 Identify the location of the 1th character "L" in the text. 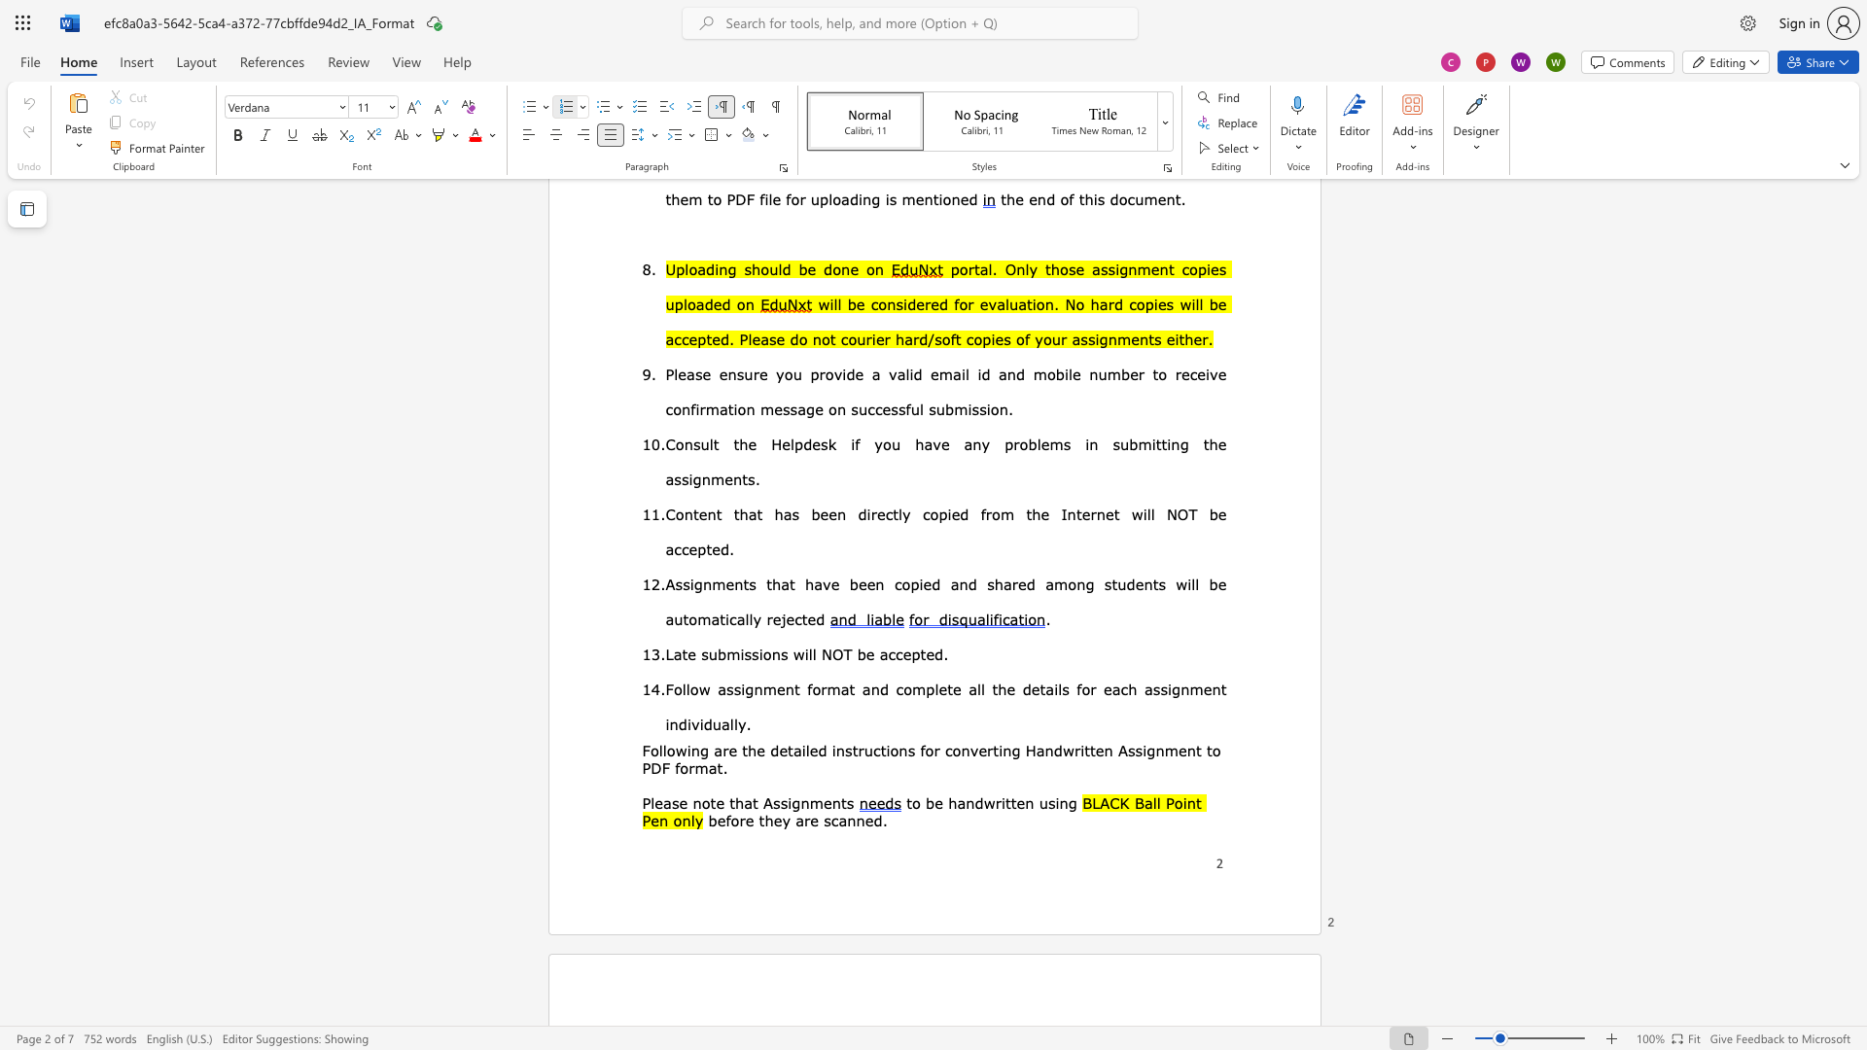
(669, 653).